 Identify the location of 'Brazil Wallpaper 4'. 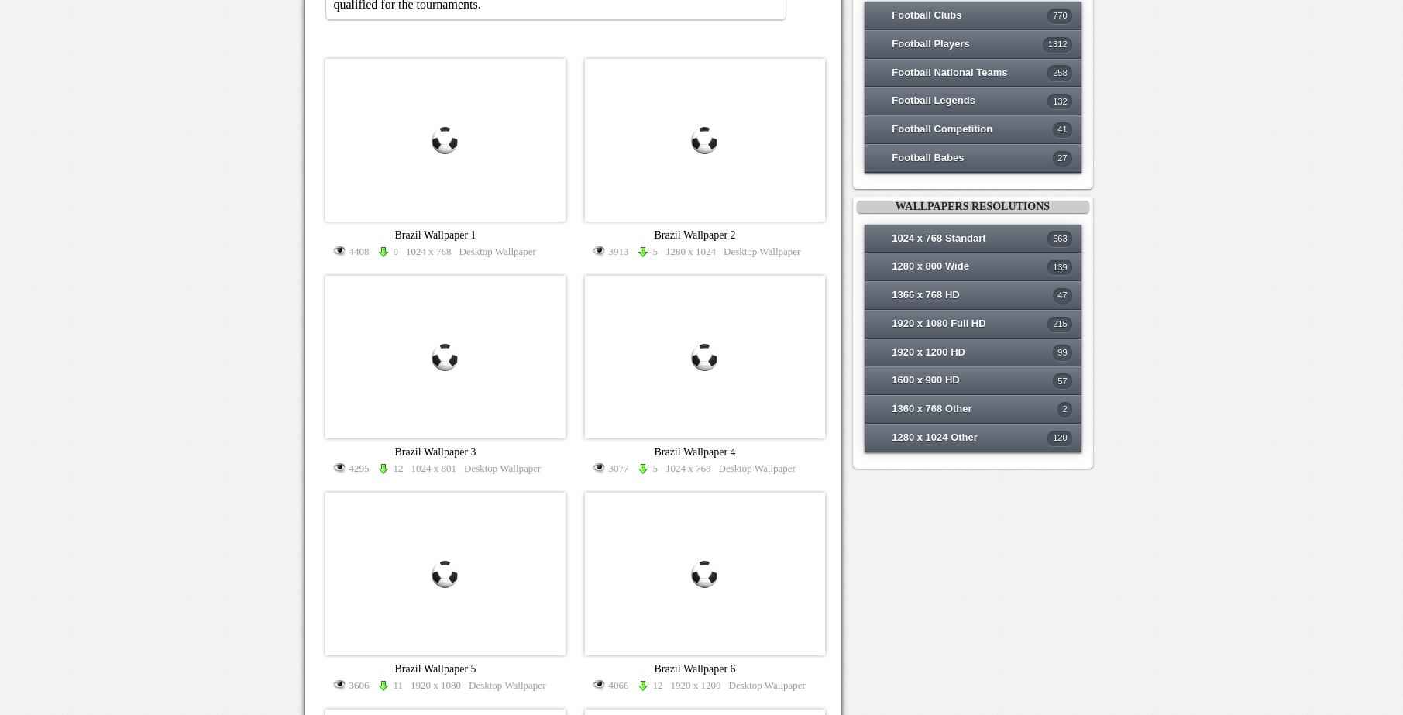
(694, 451).